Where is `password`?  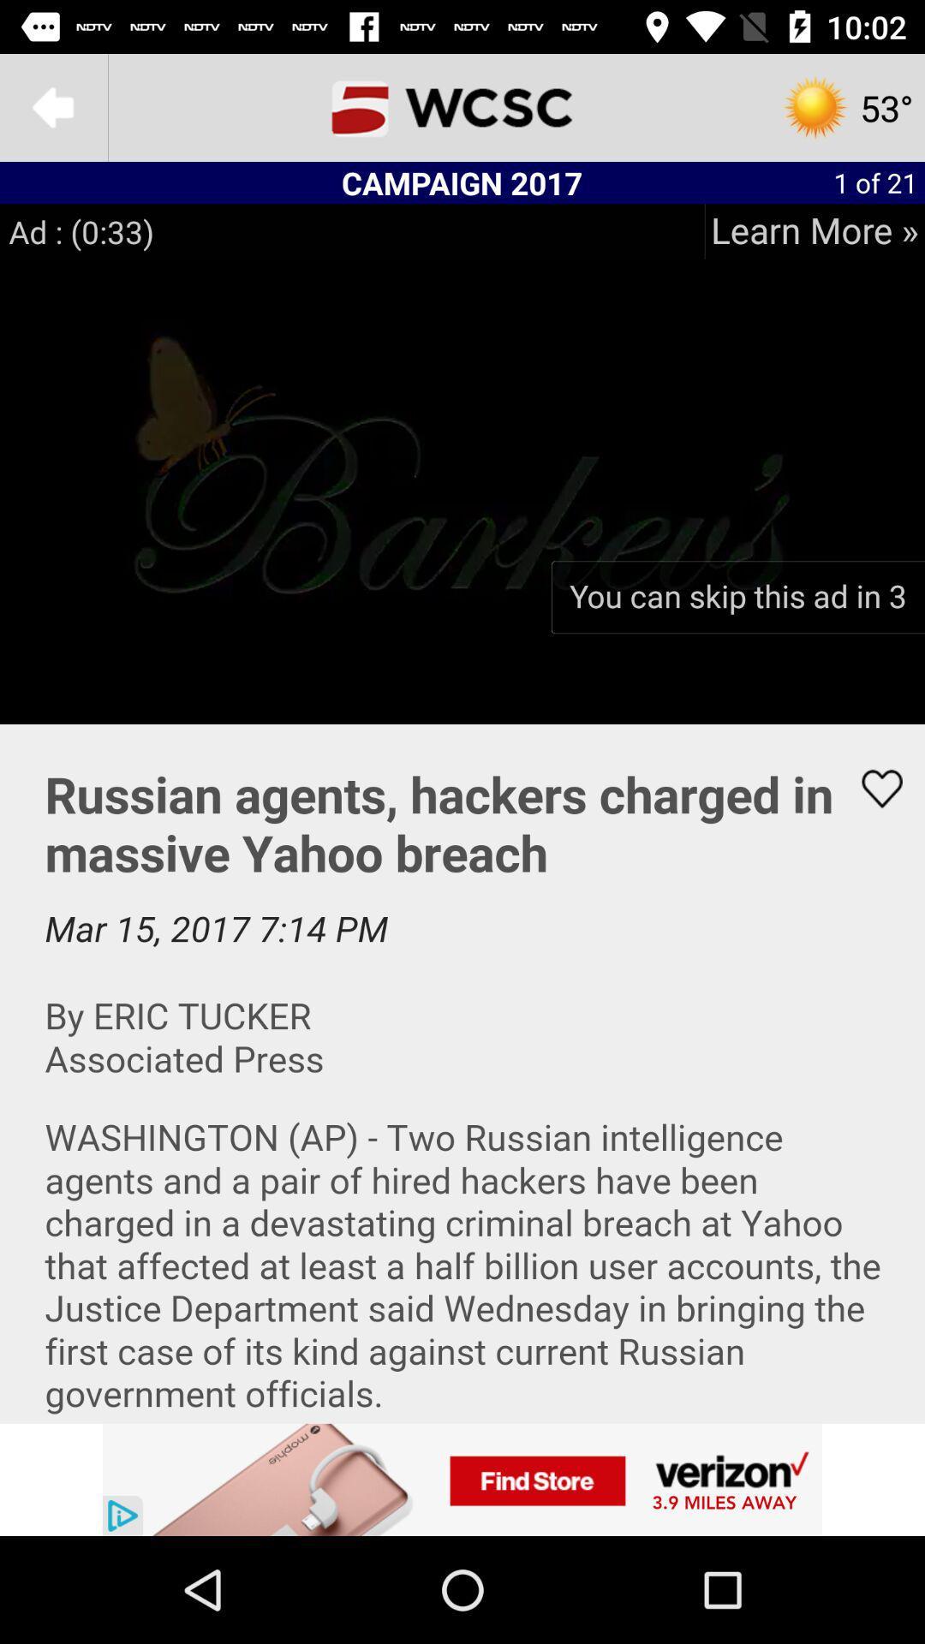
password is located at coordinates (462, 1072).